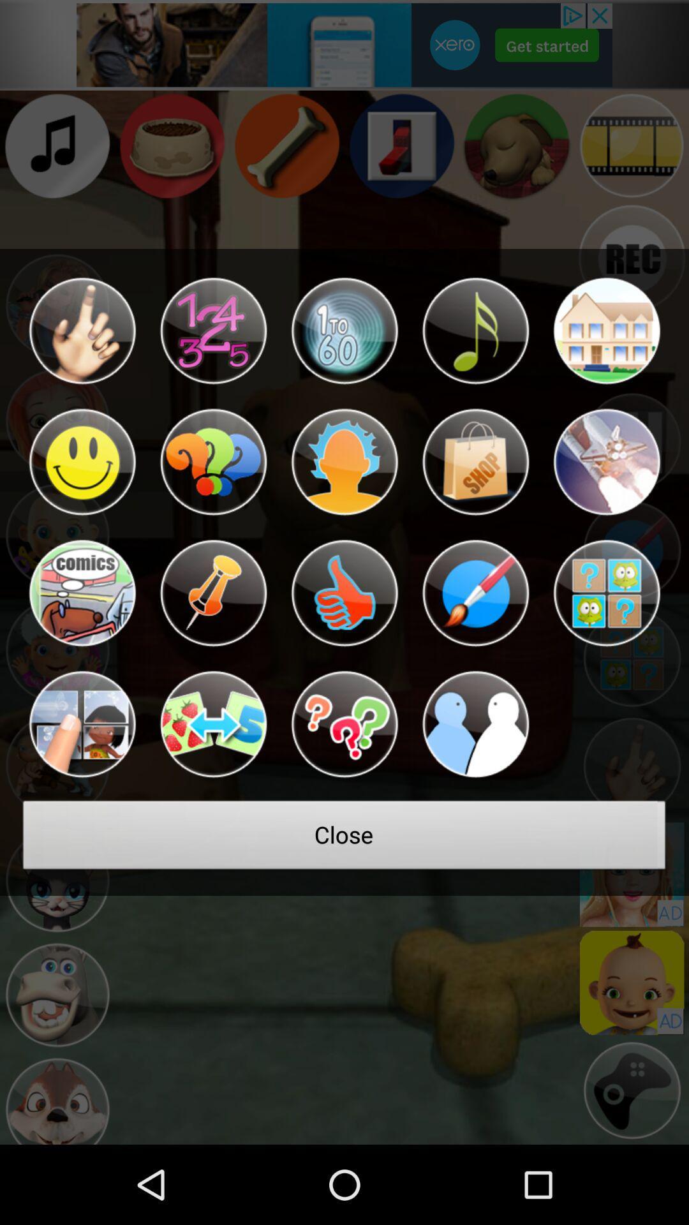 This screenshot has height=1225, width=689. What do you see at coordinates (344, 354) in the screenshot?
I see `the notifications icon` at bounding box center [344, 354].